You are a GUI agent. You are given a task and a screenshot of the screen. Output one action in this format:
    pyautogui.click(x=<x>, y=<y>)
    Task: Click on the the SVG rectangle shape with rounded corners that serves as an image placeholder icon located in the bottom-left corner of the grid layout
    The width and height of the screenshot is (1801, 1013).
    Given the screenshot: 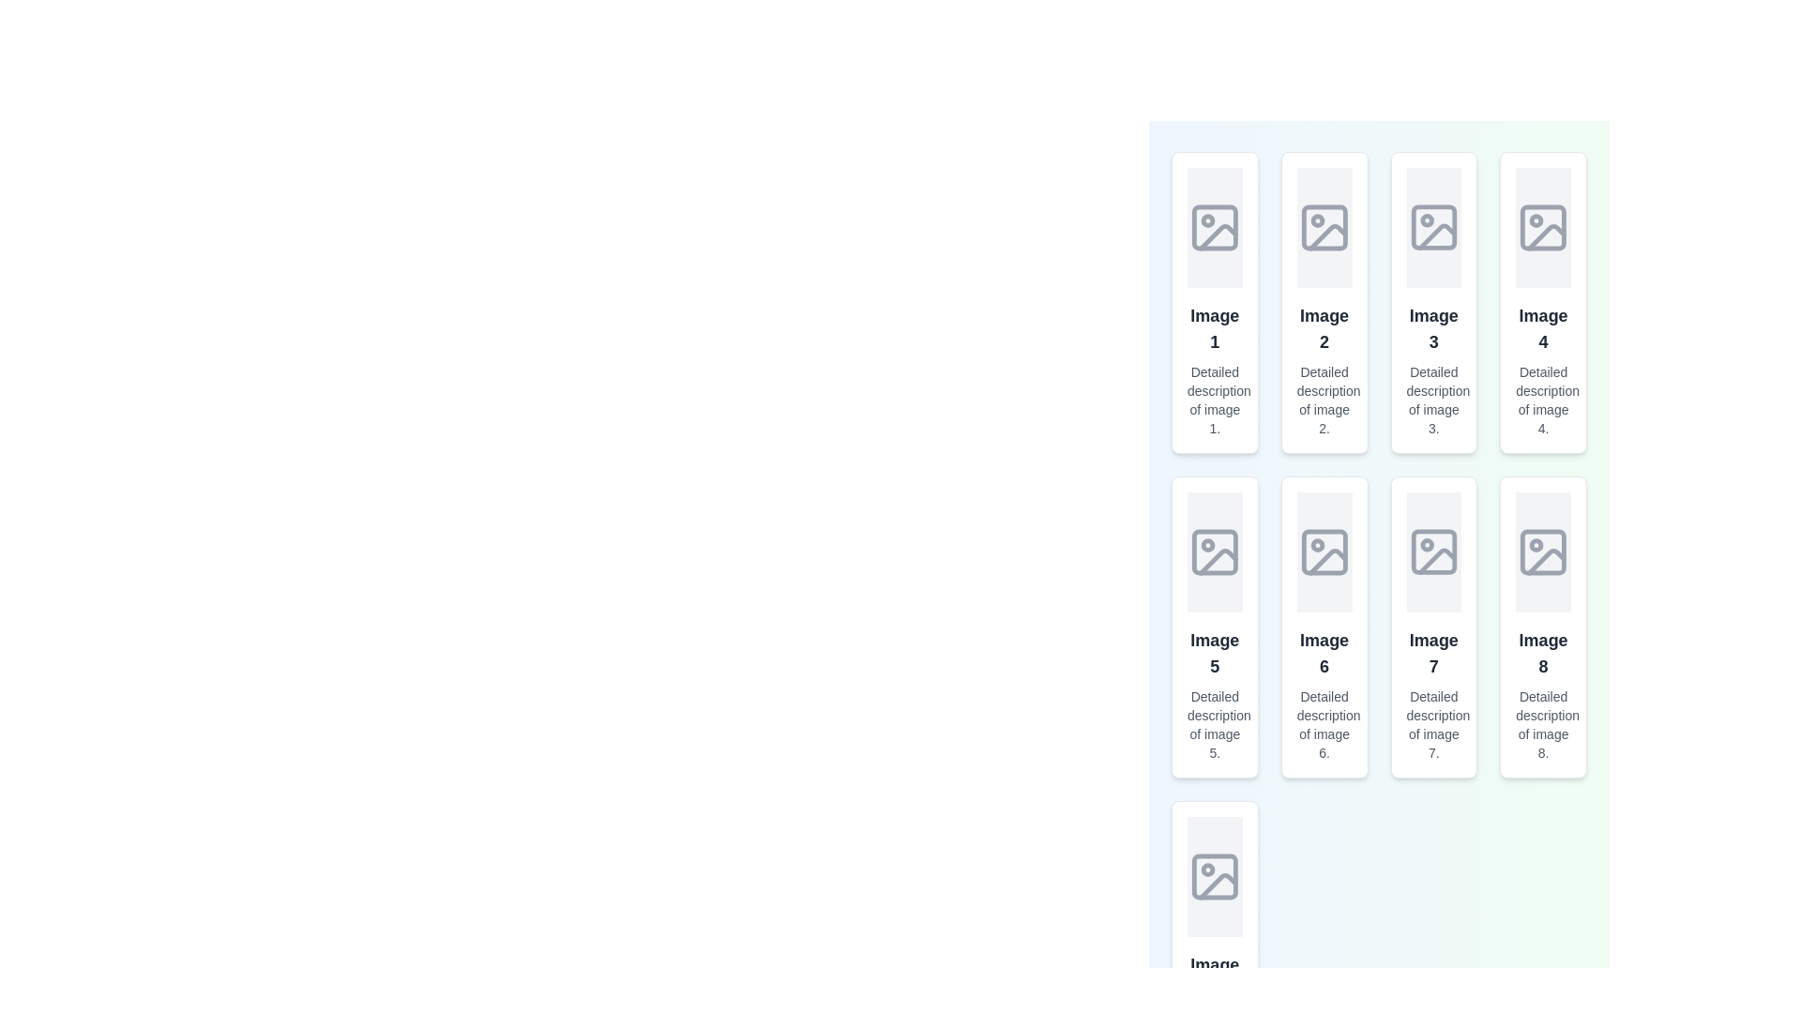 What is the action you would take?
    pyautogui.click(x=1215, y=876)
    